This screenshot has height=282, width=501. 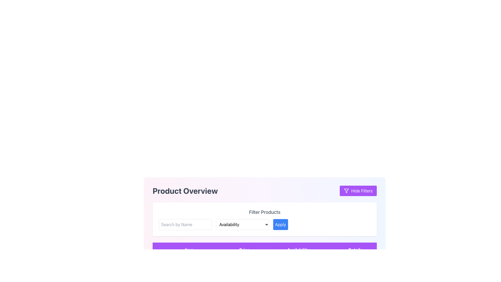 What do you see at coordinates (358, 191) in the screenshot?
I see `the rectangular button with a purple background and white text that reads 'Hide Filters'` at bounding box center [358, 191].